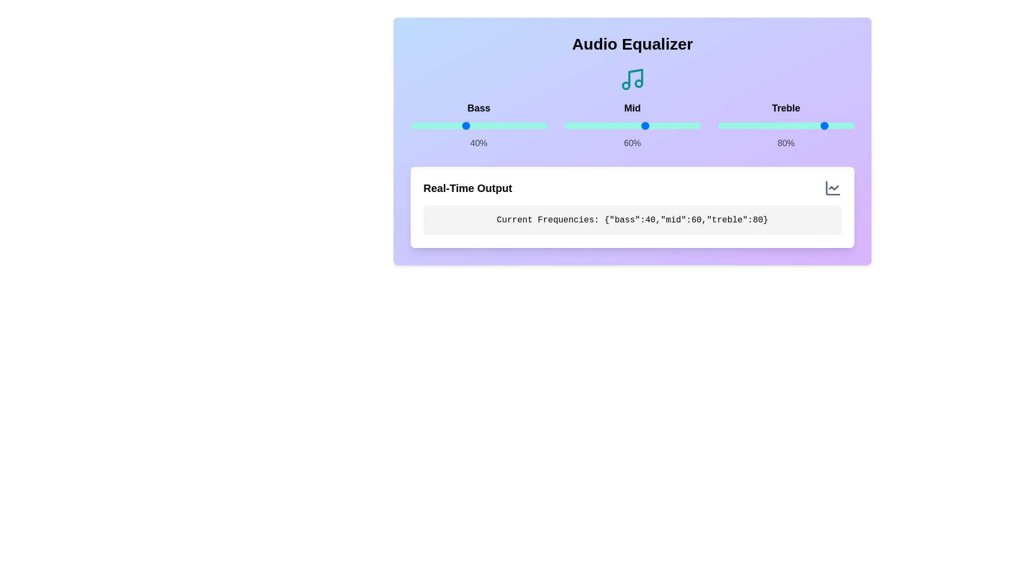  What do you see at coordinates (652, 125) in the screenshot?
I see `the mid-frequency level` at bounding box center [652, 125].